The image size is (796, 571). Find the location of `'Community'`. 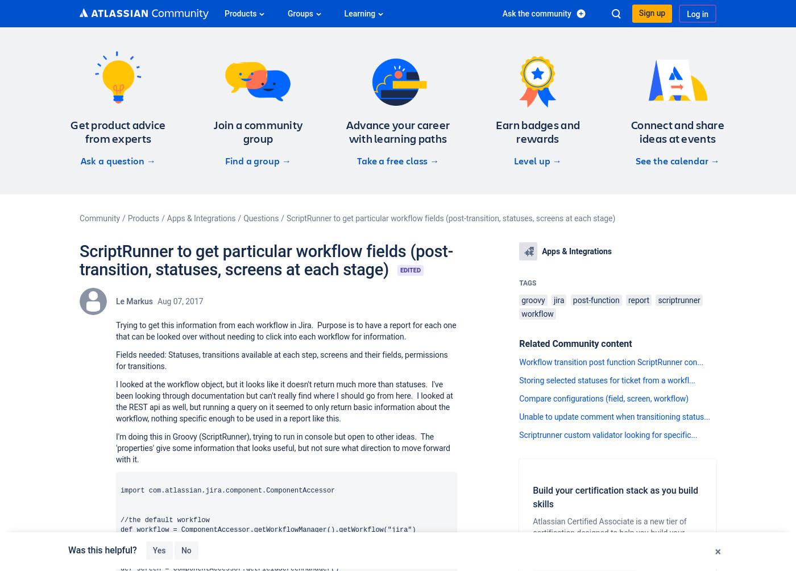

'Community' is located at coordinates (100, 218).